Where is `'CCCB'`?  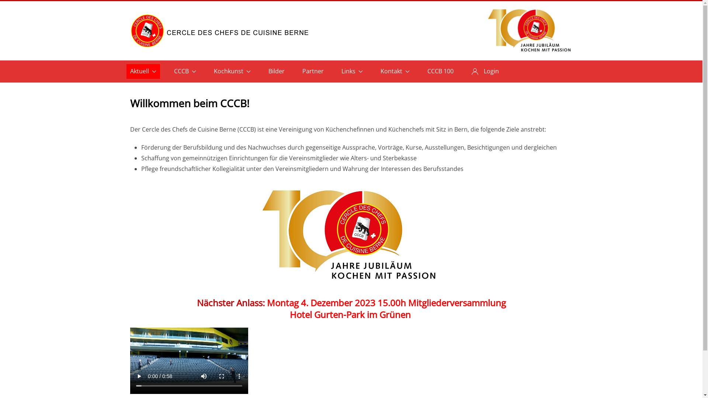
'CCCB' is located at coordinates (185, 71).